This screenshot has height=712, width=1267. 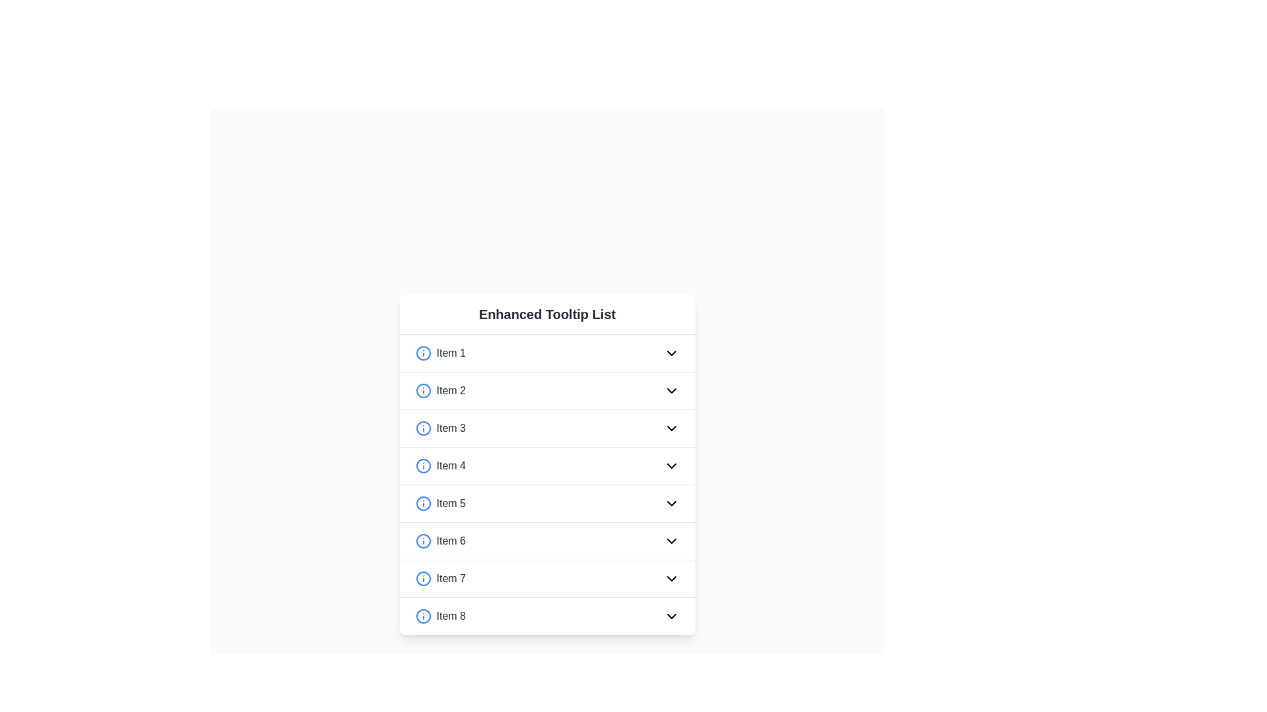 What do you see at coordinates (671, 578) in the screenshot?
I see `the downward-facing chevron icon` at bounding box center [671, 578].